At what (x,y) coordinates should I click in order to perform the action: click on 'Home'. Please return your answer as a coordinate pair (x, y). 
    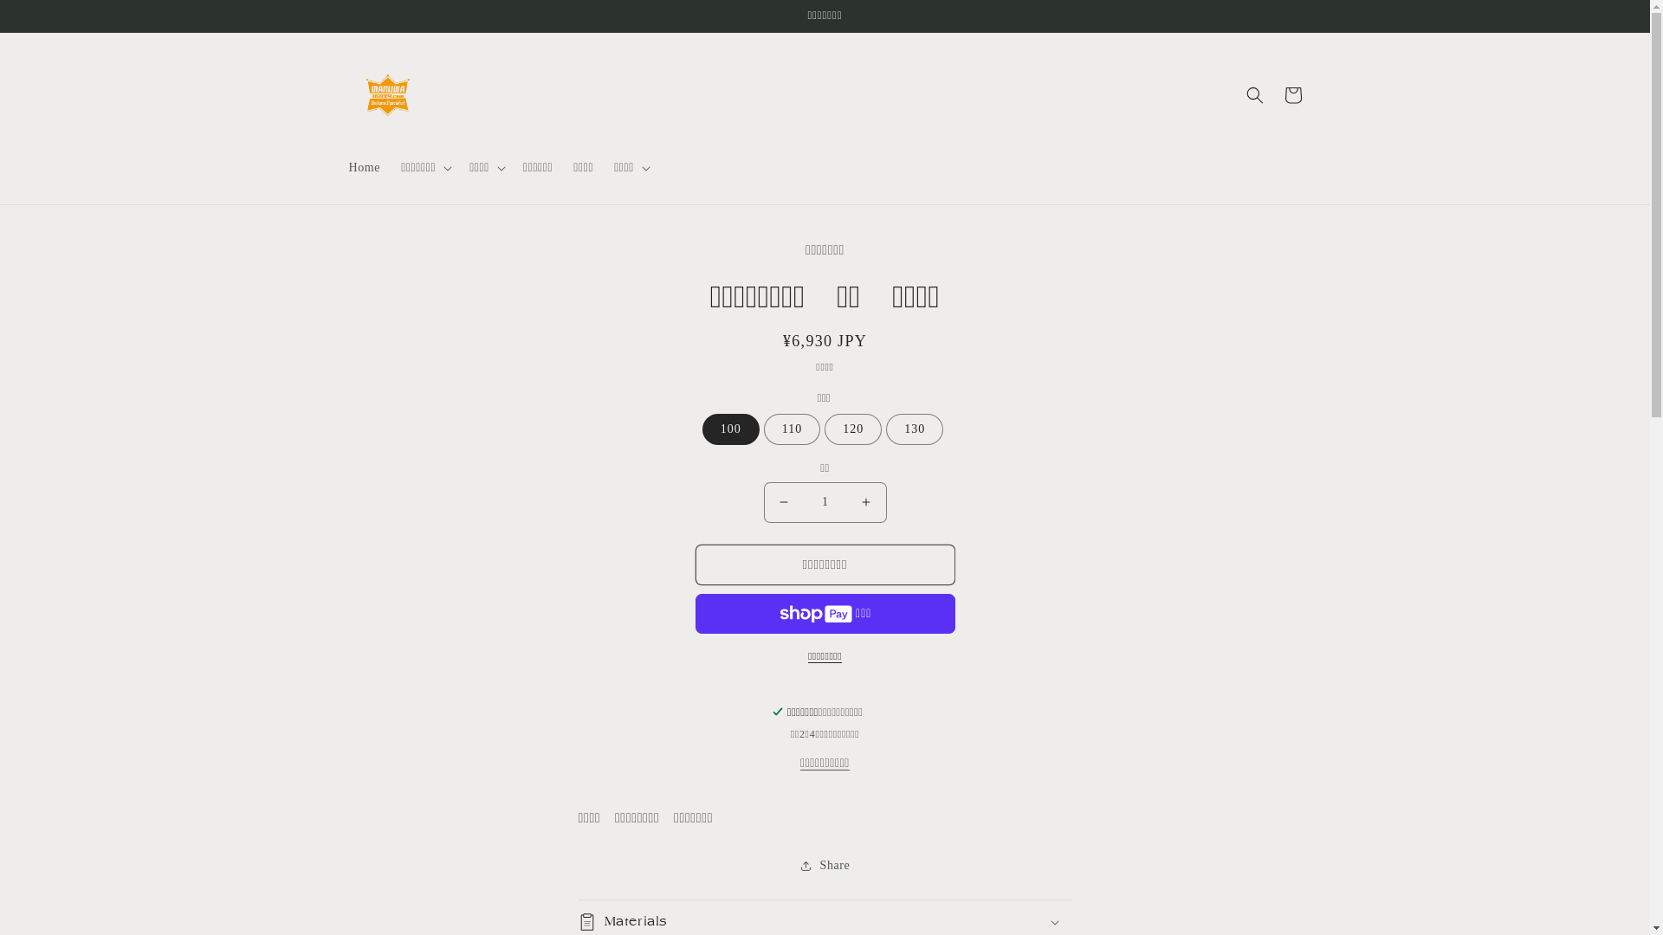
    Looking at the image, I should click on (337, 167).